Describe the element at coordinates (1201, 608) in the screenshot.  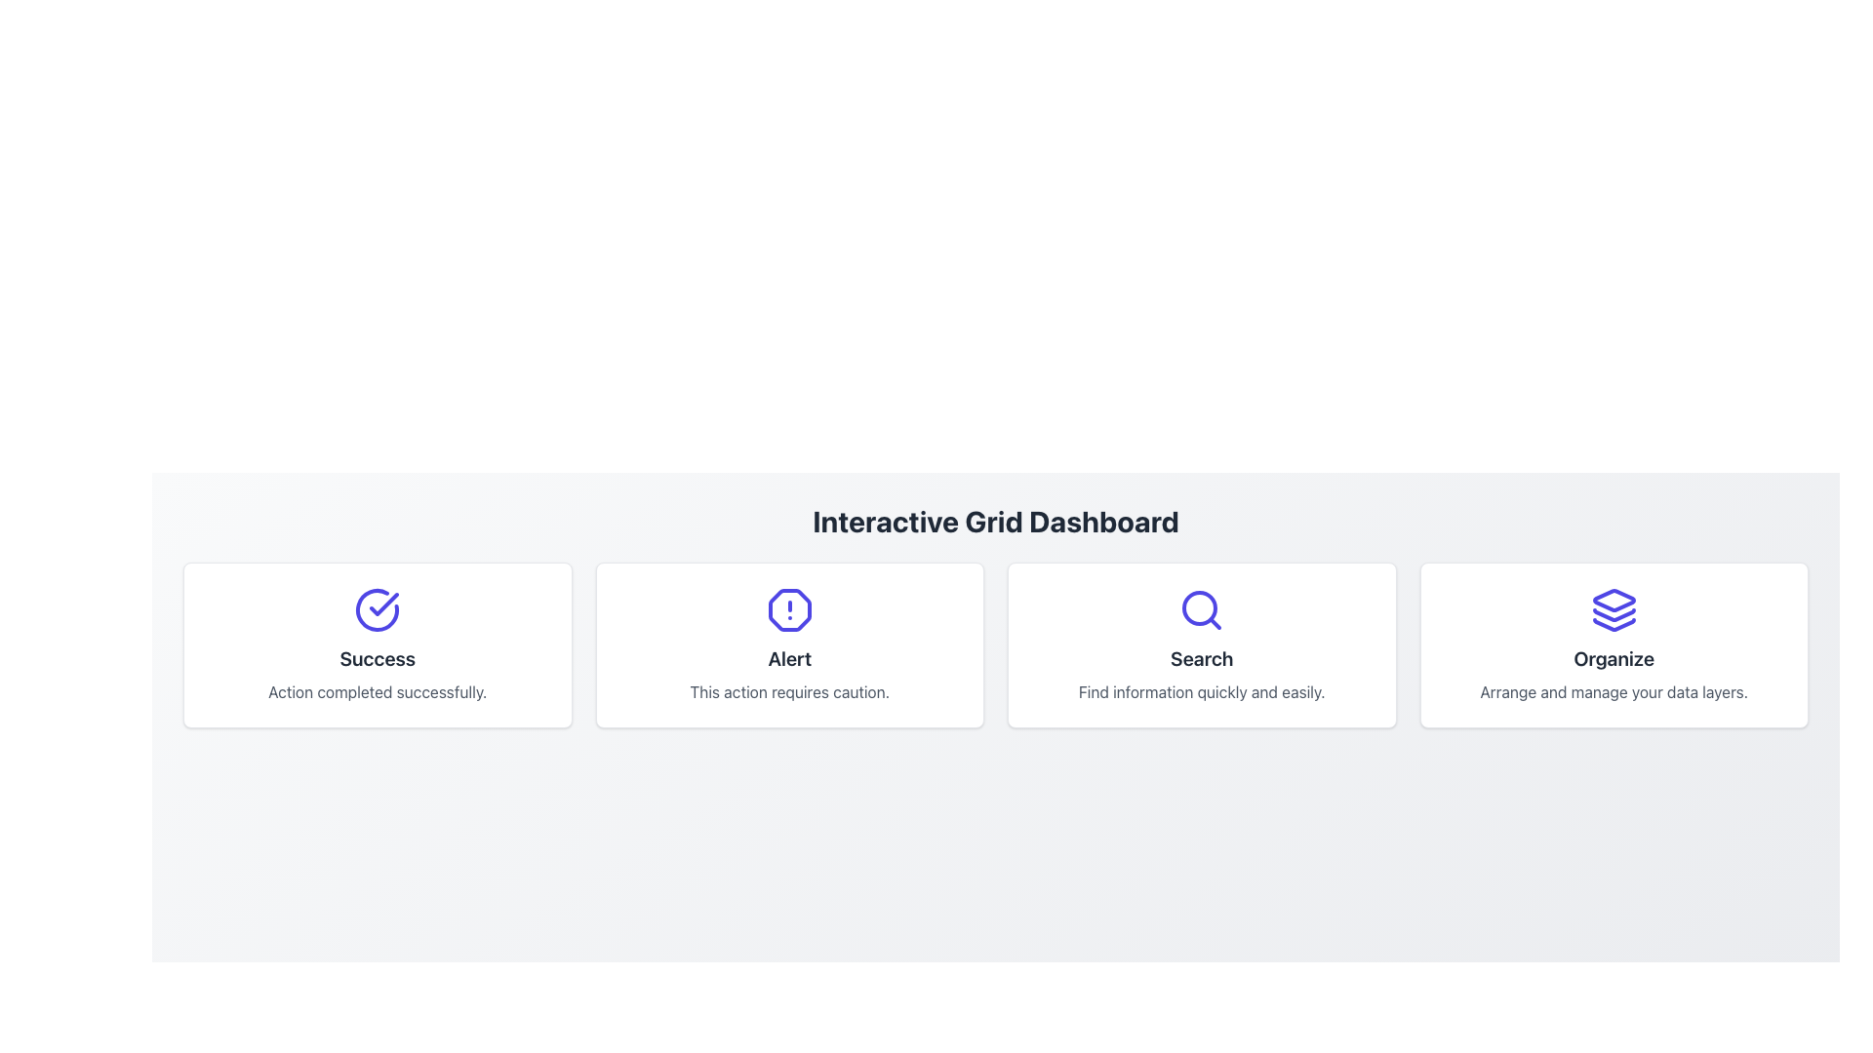
I see `the search icon located within the 'Search' card, which is the third card from the left in a row of four, positioned in the second column of the layout's grid` at that location.